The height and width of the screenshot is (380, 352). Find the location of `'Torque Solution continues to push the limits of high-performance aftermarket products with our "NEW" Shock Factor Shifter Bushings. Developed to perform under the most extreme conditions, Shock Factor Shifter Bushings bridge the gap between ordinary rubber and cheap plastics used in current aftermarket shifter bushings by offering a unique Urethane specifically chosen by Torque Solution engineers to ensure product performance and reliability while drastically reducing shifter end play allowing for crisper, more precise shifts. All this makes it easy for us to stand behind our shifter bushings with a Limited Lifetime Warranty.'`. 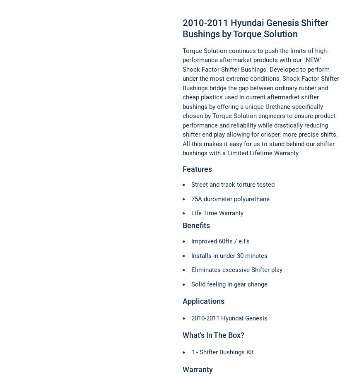

'Torque Solution continues to push the limits of high-performance aftermarket products with our "NEW" Shock Factor Shifter Bushings. Developed to perform under the most extreme conditions, Shock Factor Shifter Bushings bridge the gap between ordinary rubber and cheap plastics used in current aftermarket shifter bushings by offering a unique Urethane specifically chosen by Torque Solution engineers to ensure product performance and reliability while drastically reducing shifter end play allowing for crisper, more precise shifts. All this makes it easy for us to stand behind our shifter bushings with a Limited Lifetime Warranty.' is located at coordinates (182, 101).